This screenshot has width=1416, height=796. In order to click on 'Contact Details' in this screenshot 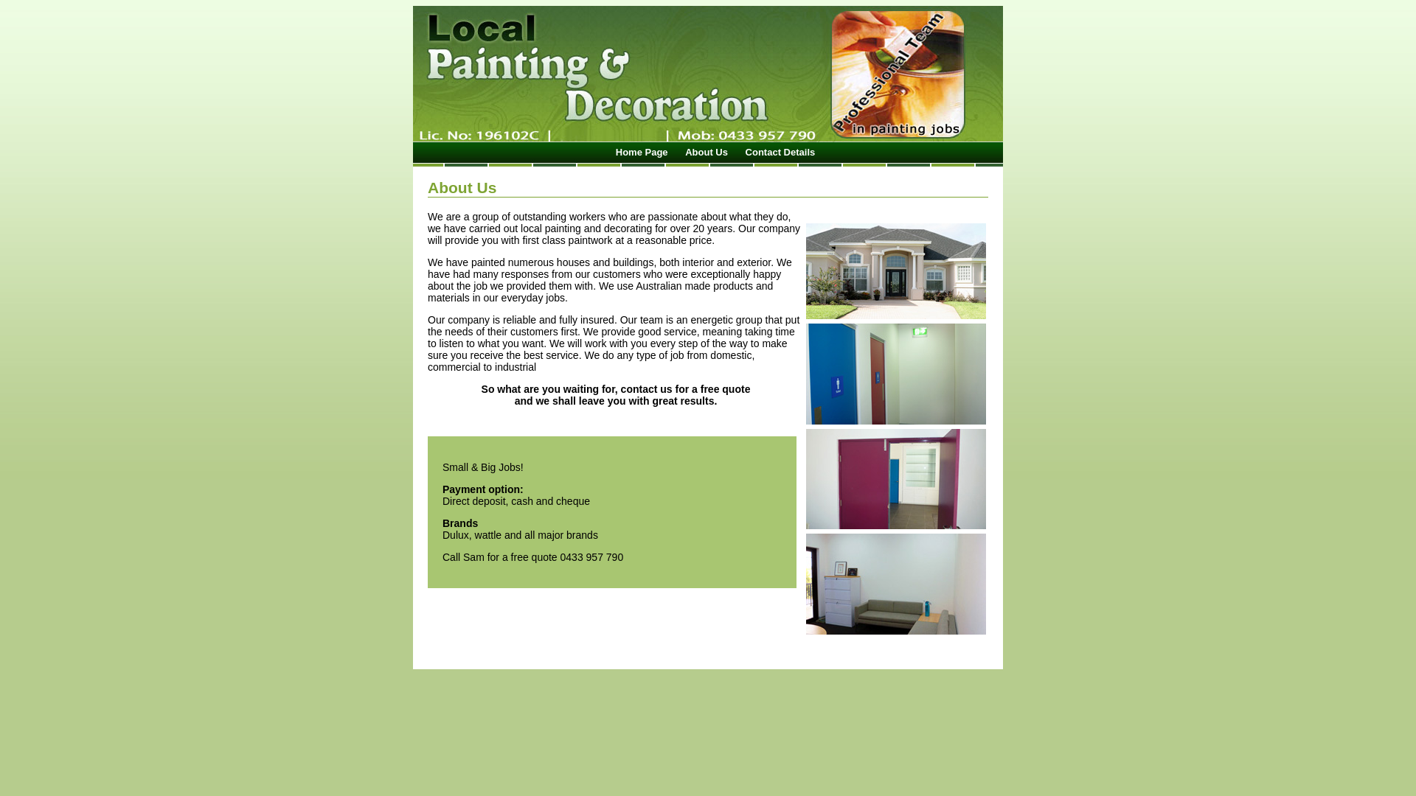, I will do `click(780, 152)`.